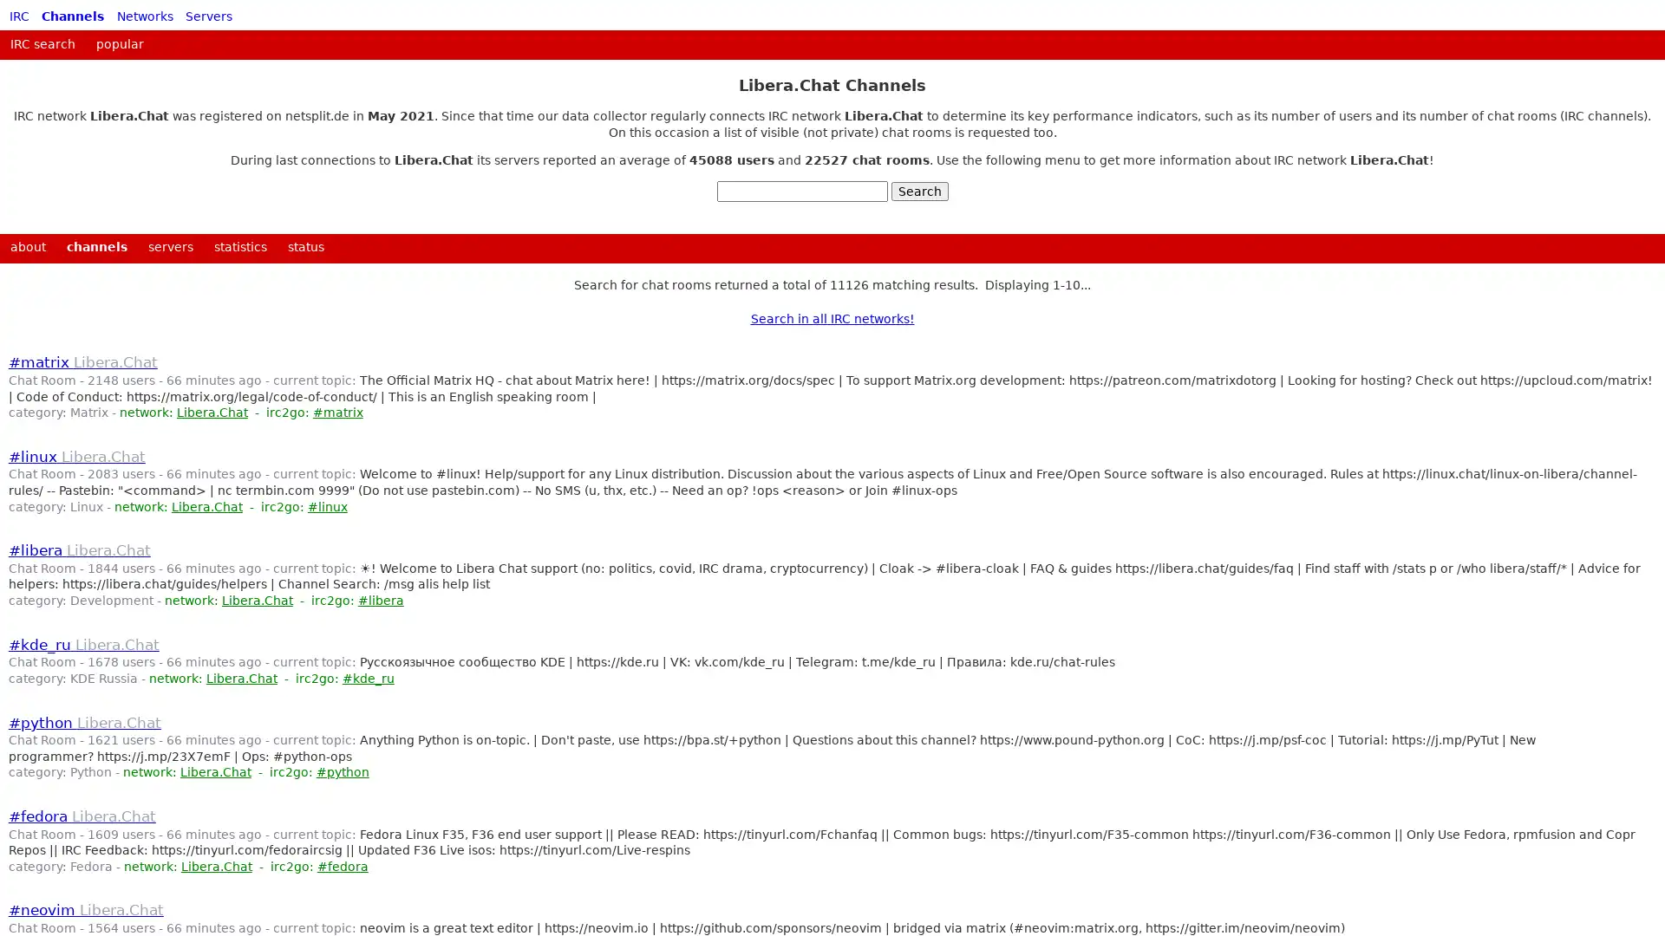 This screenshot has height=936, width=1665. Describe the element at coordinates (918, 190) in the screenshot. I see `Search` at that location.